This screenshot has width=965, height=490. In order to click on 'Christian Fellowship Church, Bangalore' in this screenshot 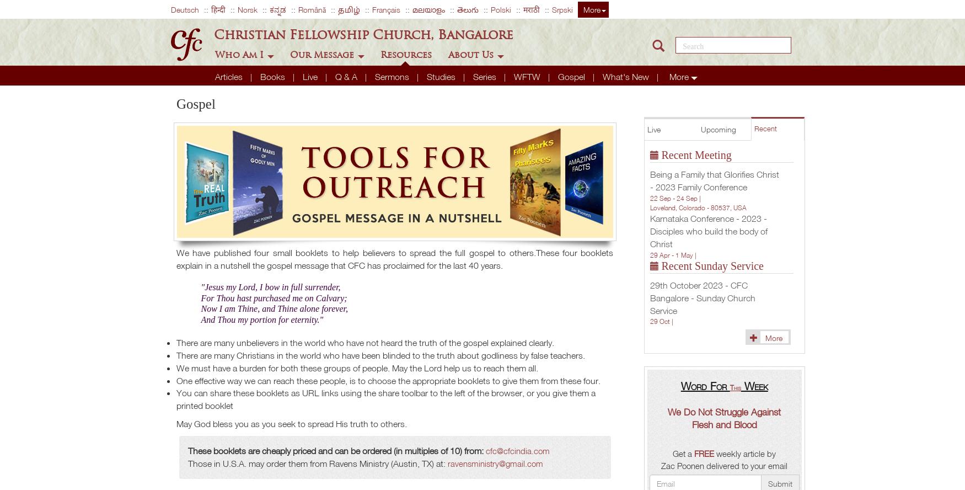, I will do `click(362, 33)`.